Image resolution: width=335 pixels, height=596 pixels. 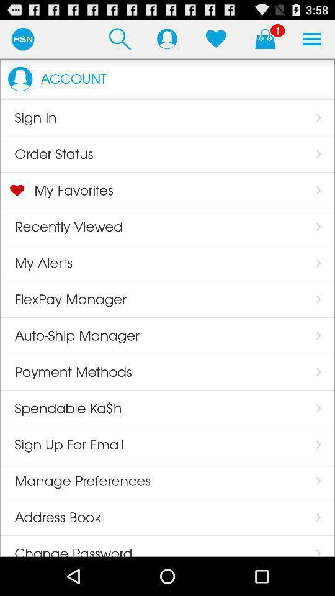 What do you see at coordinates (215, 38) in the screenshot?
I see `liked items` at bounding box center [215, 38].